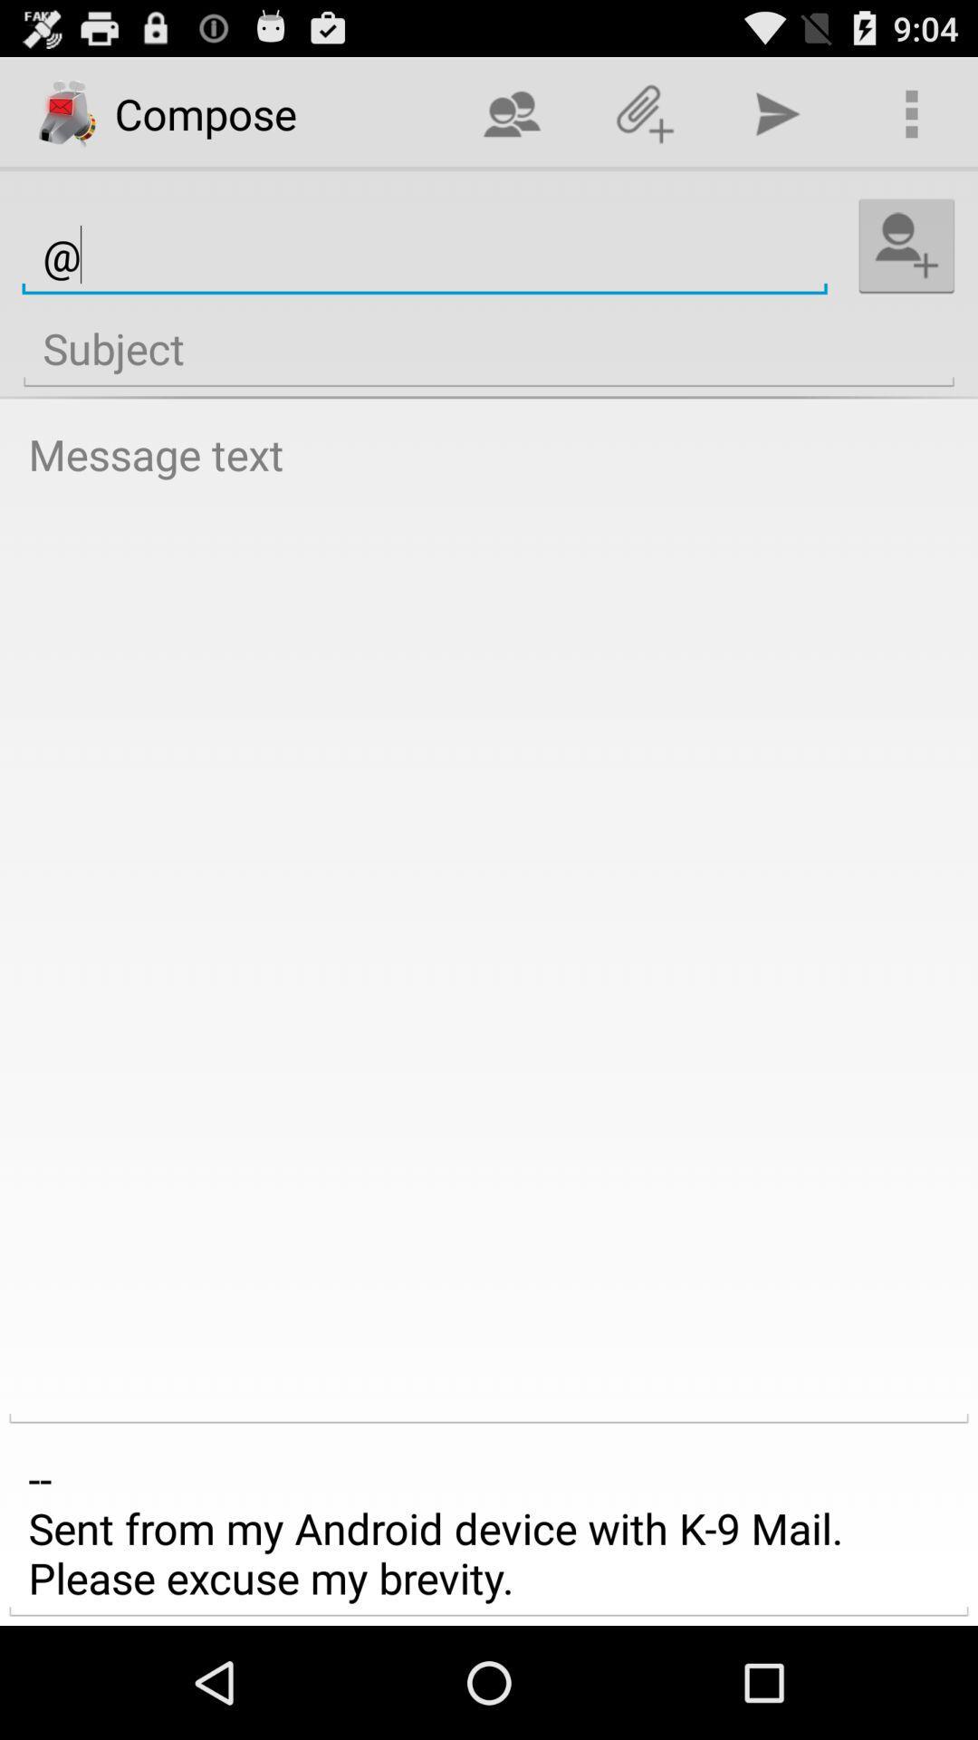 Image resolution: width=978 pixels, height=1740 pixels. Describe the element at coordinates (489, 349) in the screenshot. I see `type subject` at that location.